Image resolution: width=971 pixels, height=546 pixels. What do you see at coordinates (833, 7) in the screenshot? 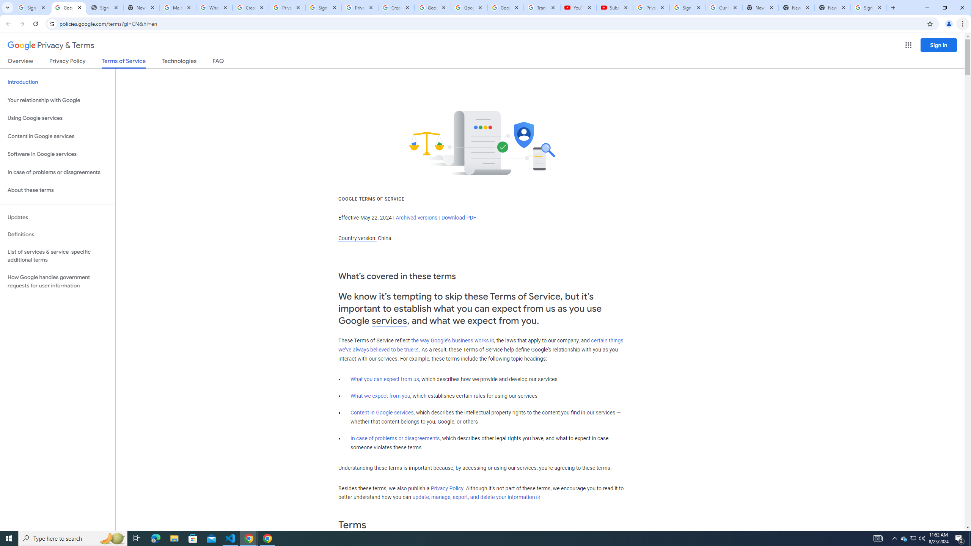
I see `'New Tab'` at bounding box center [833, 7].